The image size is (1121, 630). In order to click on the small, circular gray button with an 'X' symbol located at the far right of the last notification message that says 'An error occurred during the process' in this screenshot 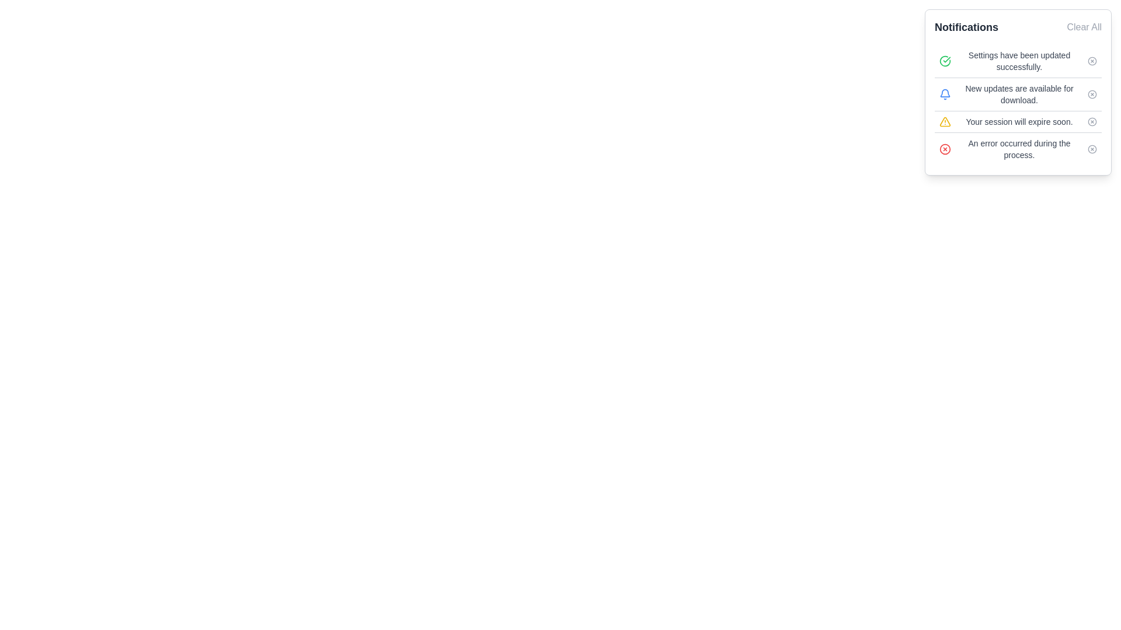, I will do `click(1092, 148)`.